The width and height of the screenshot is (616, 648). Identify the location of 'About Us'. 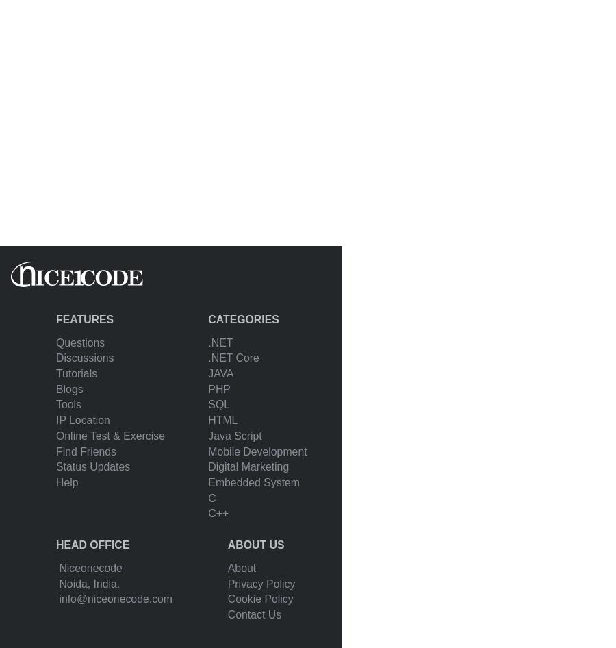
(255, 545).